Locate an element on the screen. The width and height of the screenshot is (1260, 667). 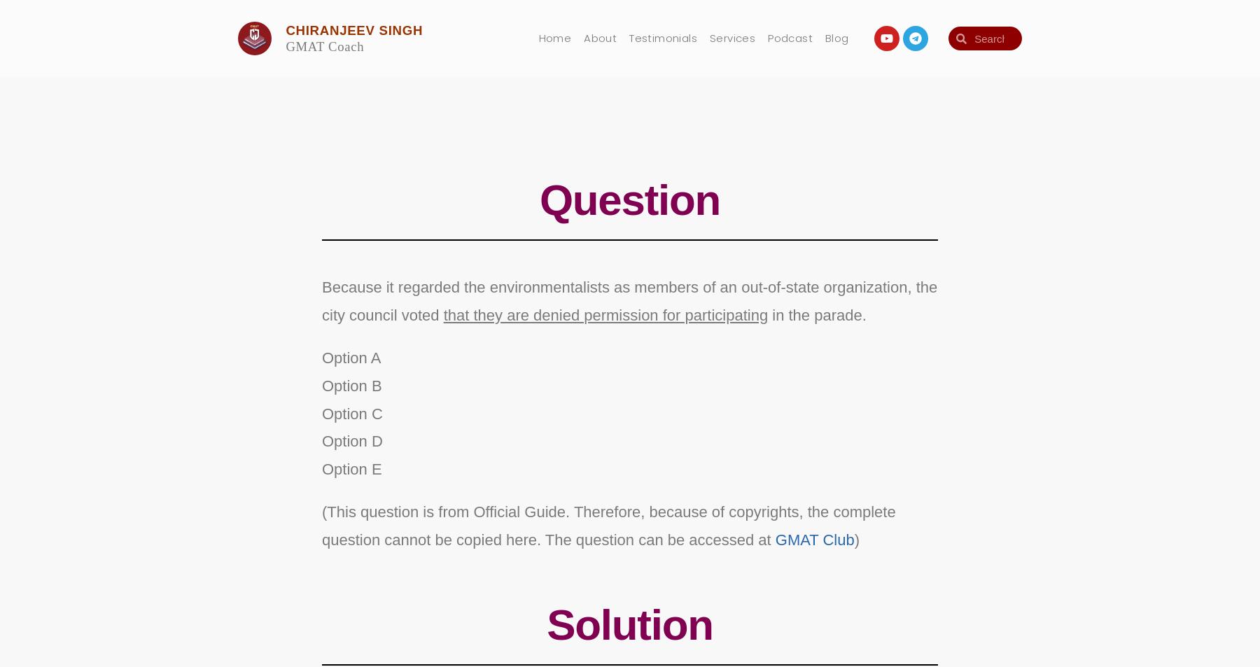
'Services' is located at coordinates (731, 37).